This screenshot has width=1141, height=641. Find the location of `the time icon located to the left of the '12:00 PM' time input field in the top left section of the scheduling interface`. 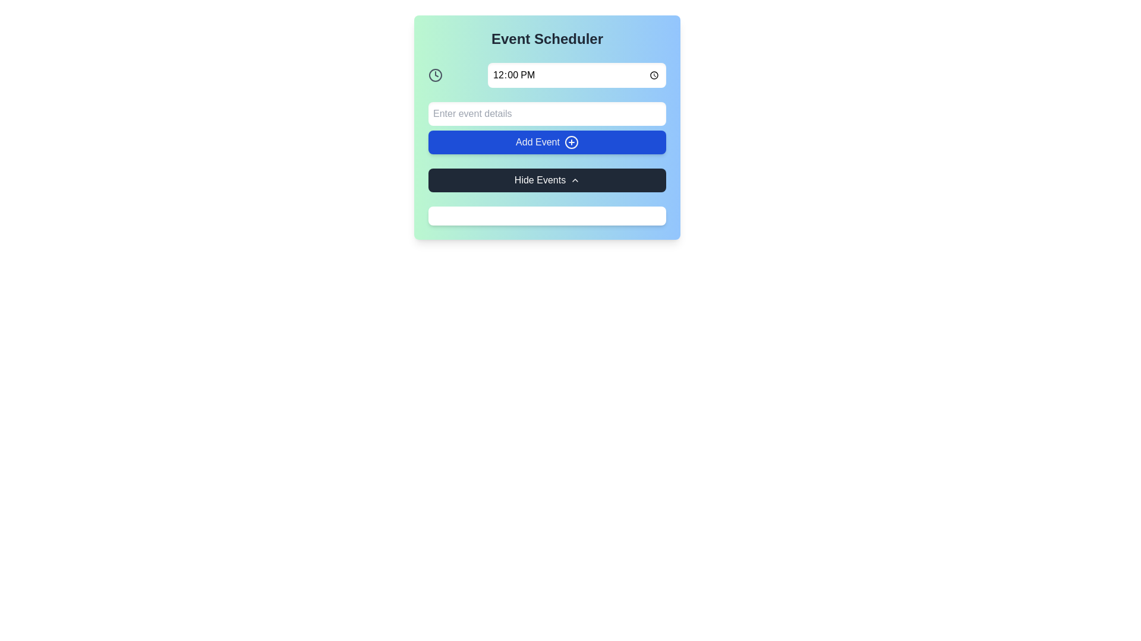

the time icon located to the left of the '12:00 PM' time input field in the top left section of the scheduling interface is located at coordinates (435, 75).